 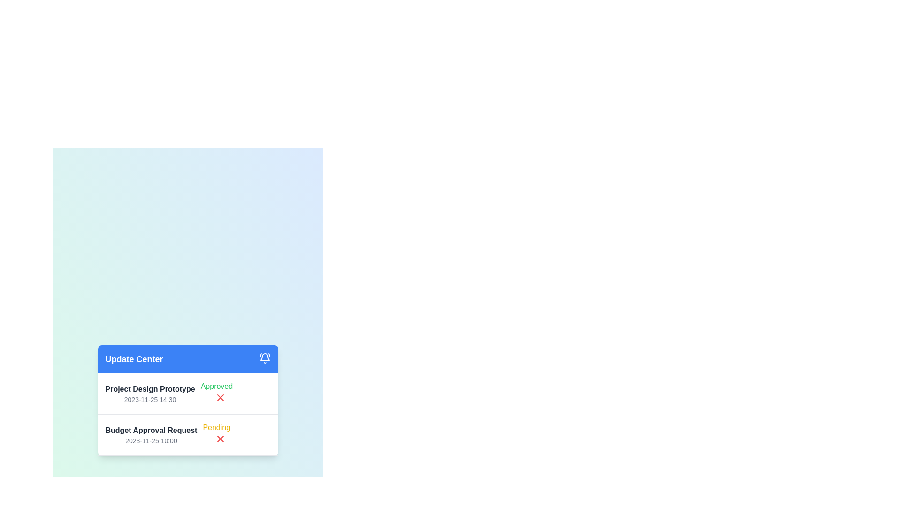 What do you see at coordinates (220, 439) in the screenshot?
I see `the red 'X' icon button next to the 'Pending' label in the 'Budget Approval Request' item row` at bounding box center [220, 439].